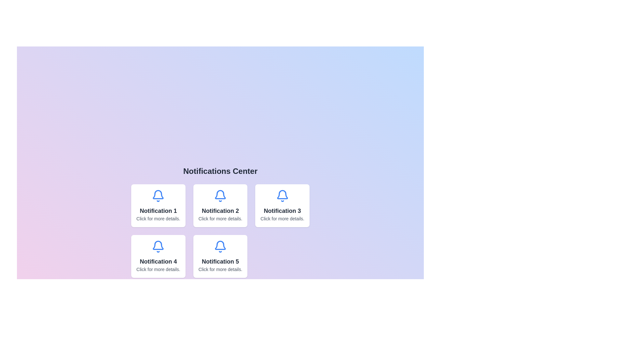 The image size is (625, 351). I want to click on text heading for the third notification in the grid, which is located centrally within the Notification 3 box above the descriptive text and below the blue bell icon, so click(282, 211).